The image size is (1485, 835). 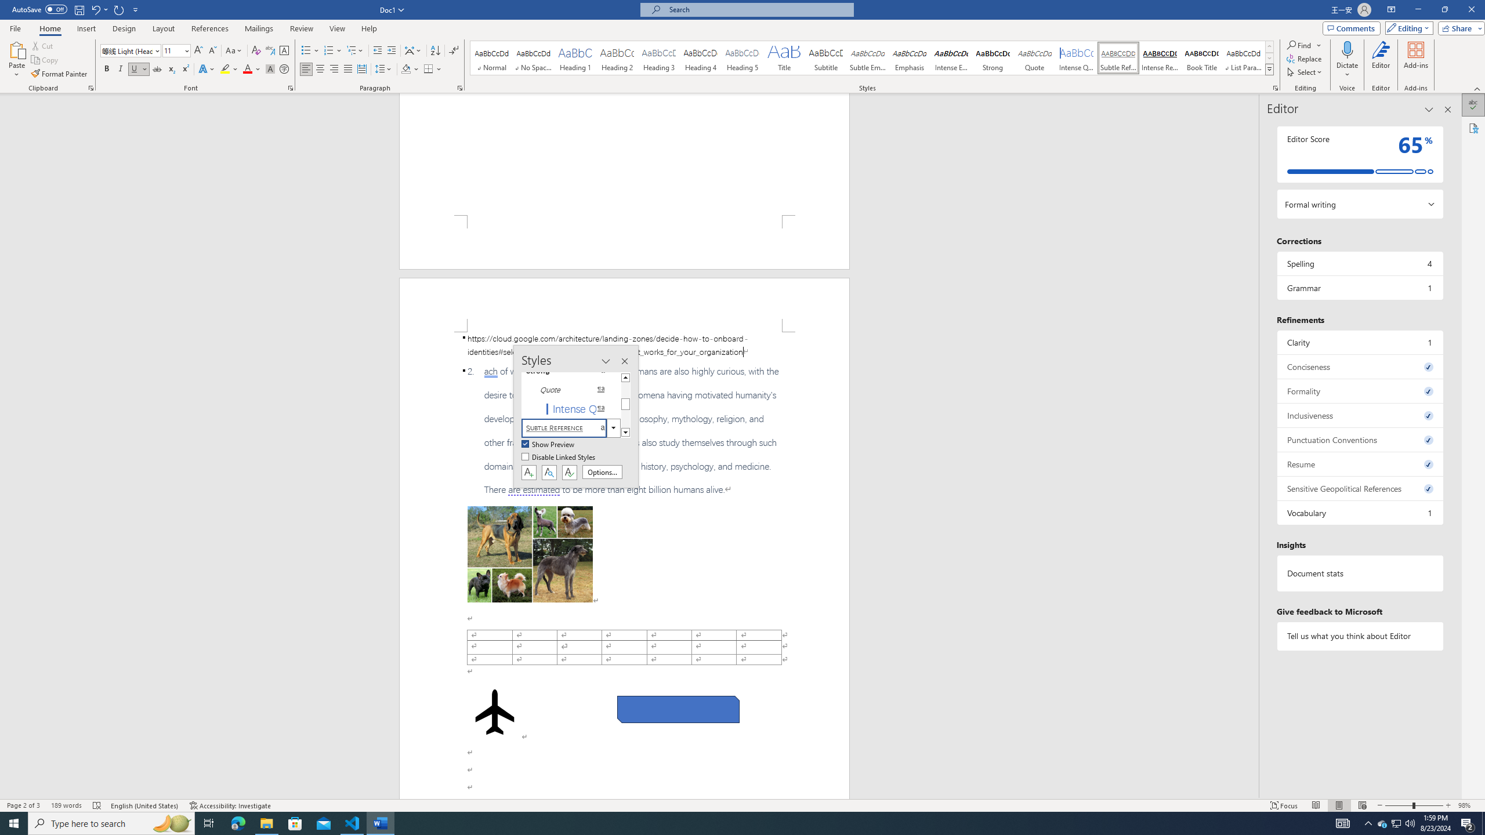 I want to click on 'Editor Score 65%', so click(x=1359, y=154).